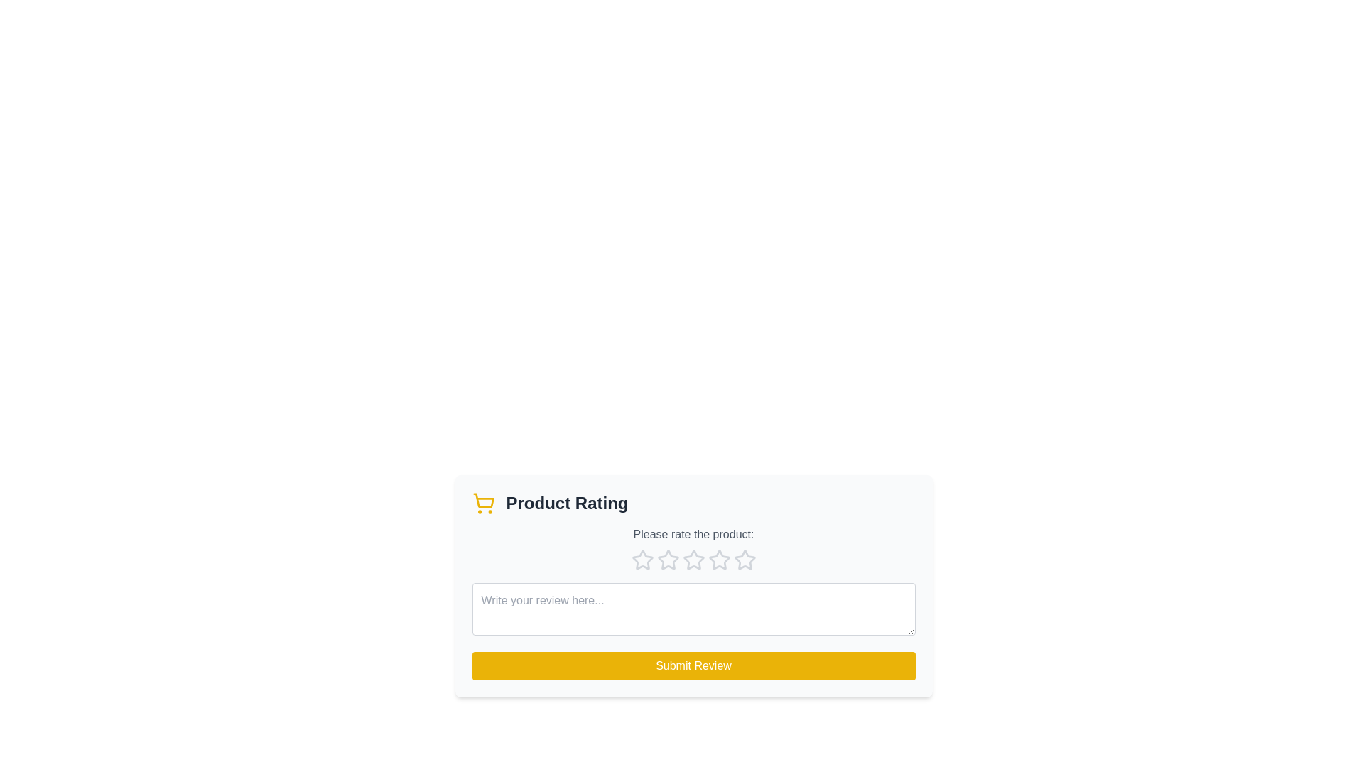  Describe the element at coordinates (744, 559) in the screenshot. I see `the fourth star icon in the product rating section to visualize its hover state` at that location.